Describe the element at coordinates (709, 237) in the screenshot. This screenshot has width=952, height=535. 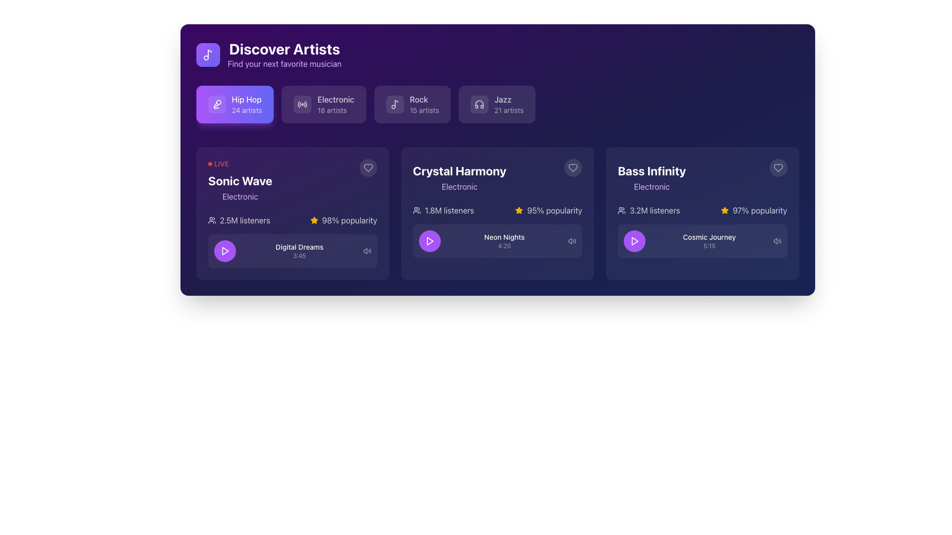
I see `the text label displaying 'Cosmic Journey' located in the 'Bass Infinity' section, positioned near the center of the card under the play button` at that location.